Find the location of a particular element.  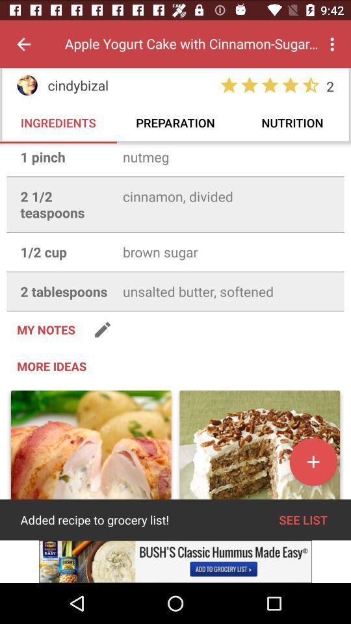

the first star is located at coordinates (228, 84).